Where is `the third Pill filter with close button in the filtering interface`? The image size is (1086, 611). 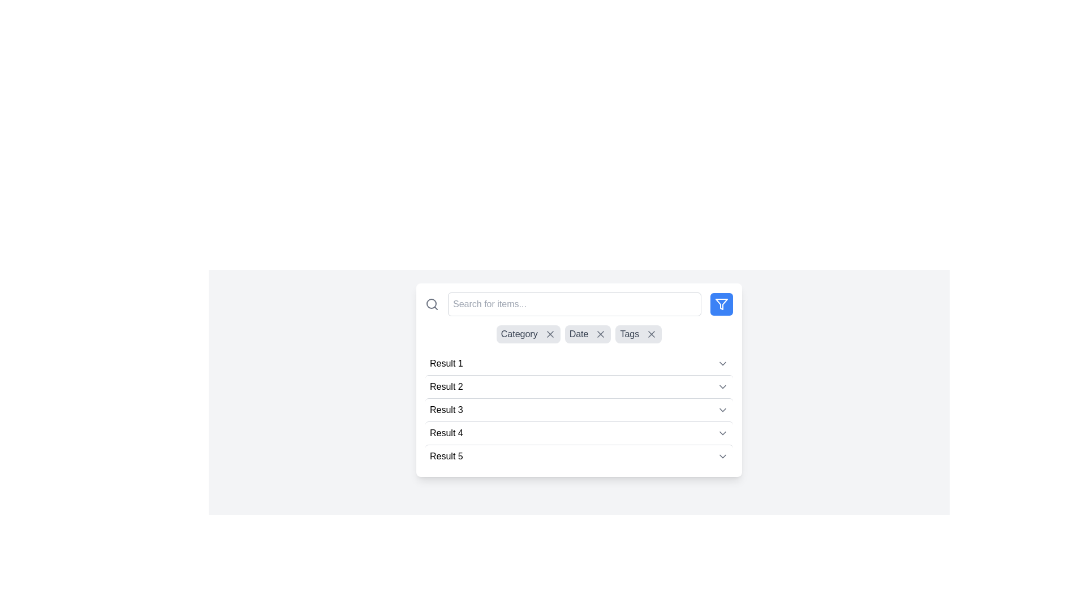
the third Pill filter with close button in the filtering interface is located at coordinates (639, 333).